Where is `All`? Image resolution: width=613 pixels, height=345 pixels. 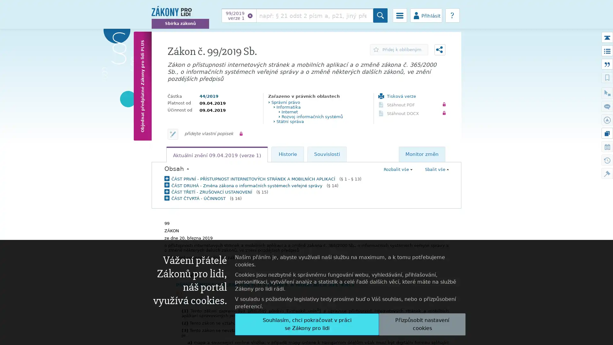
All is located at coordinates (307, 324).